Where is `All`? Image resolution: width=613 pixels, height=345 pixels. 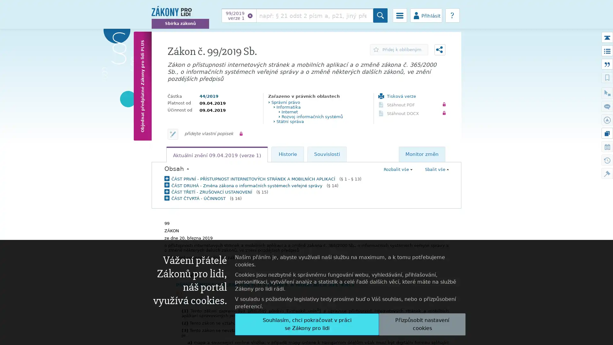
All is located at coordinates (307, 324).